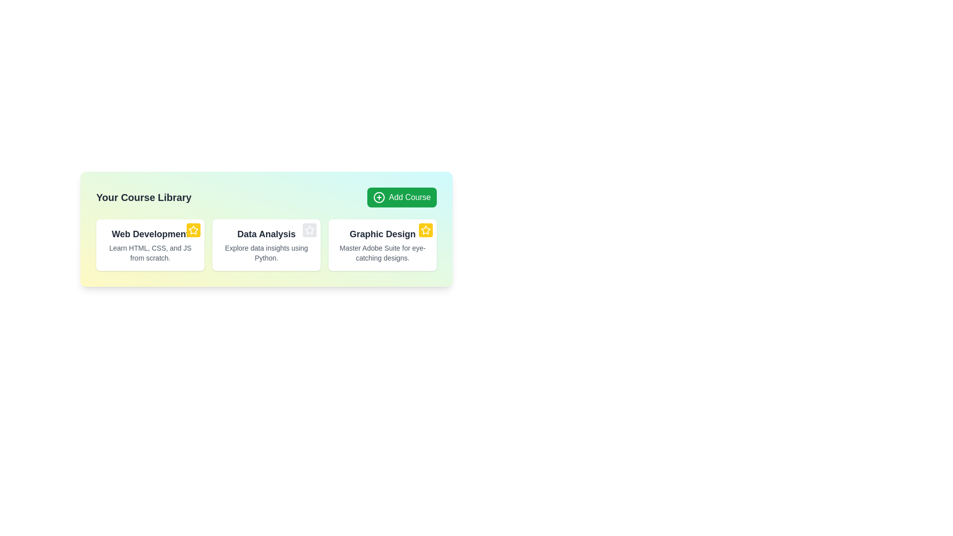  Describe the element at coordinates (309, 230) in the screenshot. I see `the small, rounded button with a light gray background located in the top-right corner of the 'Data Analysis' card to interact with it` at that location.